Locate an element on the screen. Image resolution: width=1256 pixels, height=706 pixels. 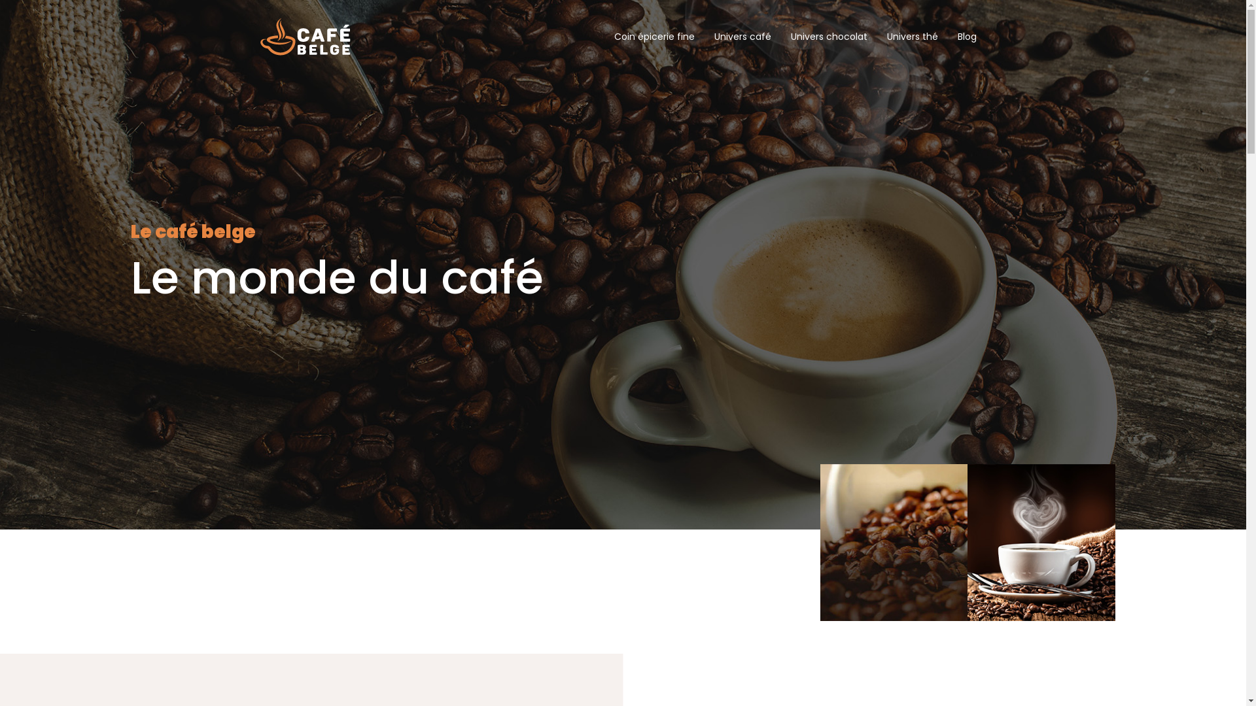
'Univers chocolat' is located at coordinates (790, 36).